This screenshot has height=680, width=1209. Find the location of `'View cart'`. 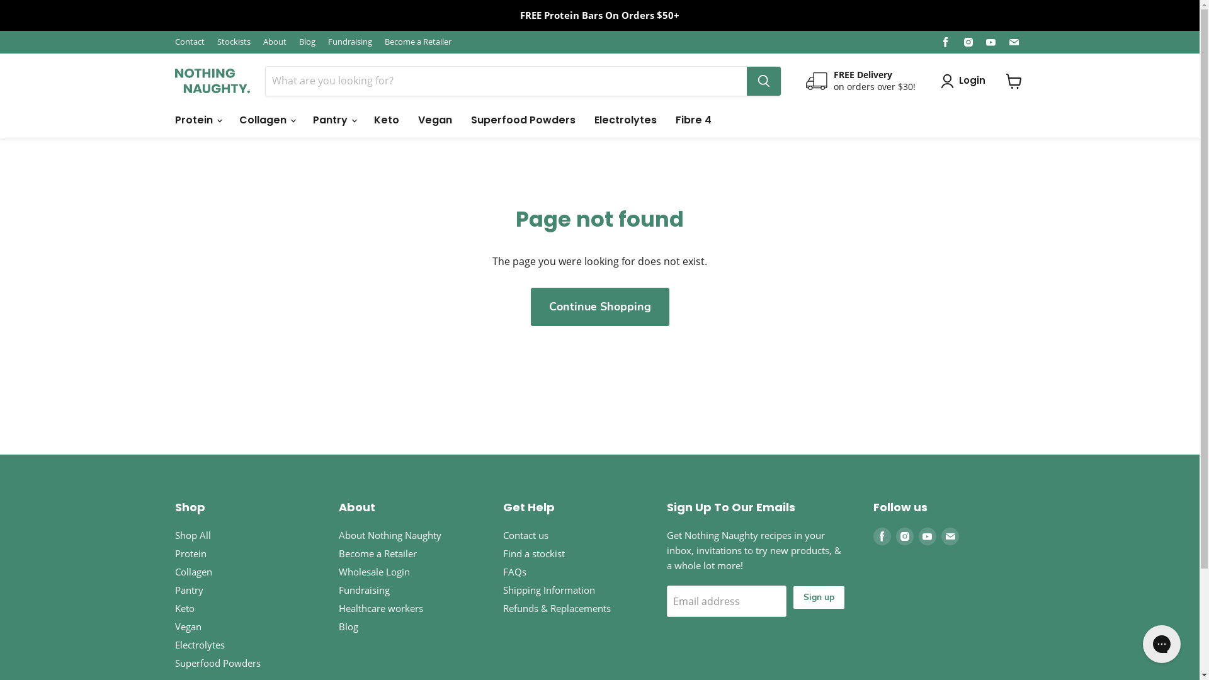

'View cart' is located at coordinates (1014, 80).